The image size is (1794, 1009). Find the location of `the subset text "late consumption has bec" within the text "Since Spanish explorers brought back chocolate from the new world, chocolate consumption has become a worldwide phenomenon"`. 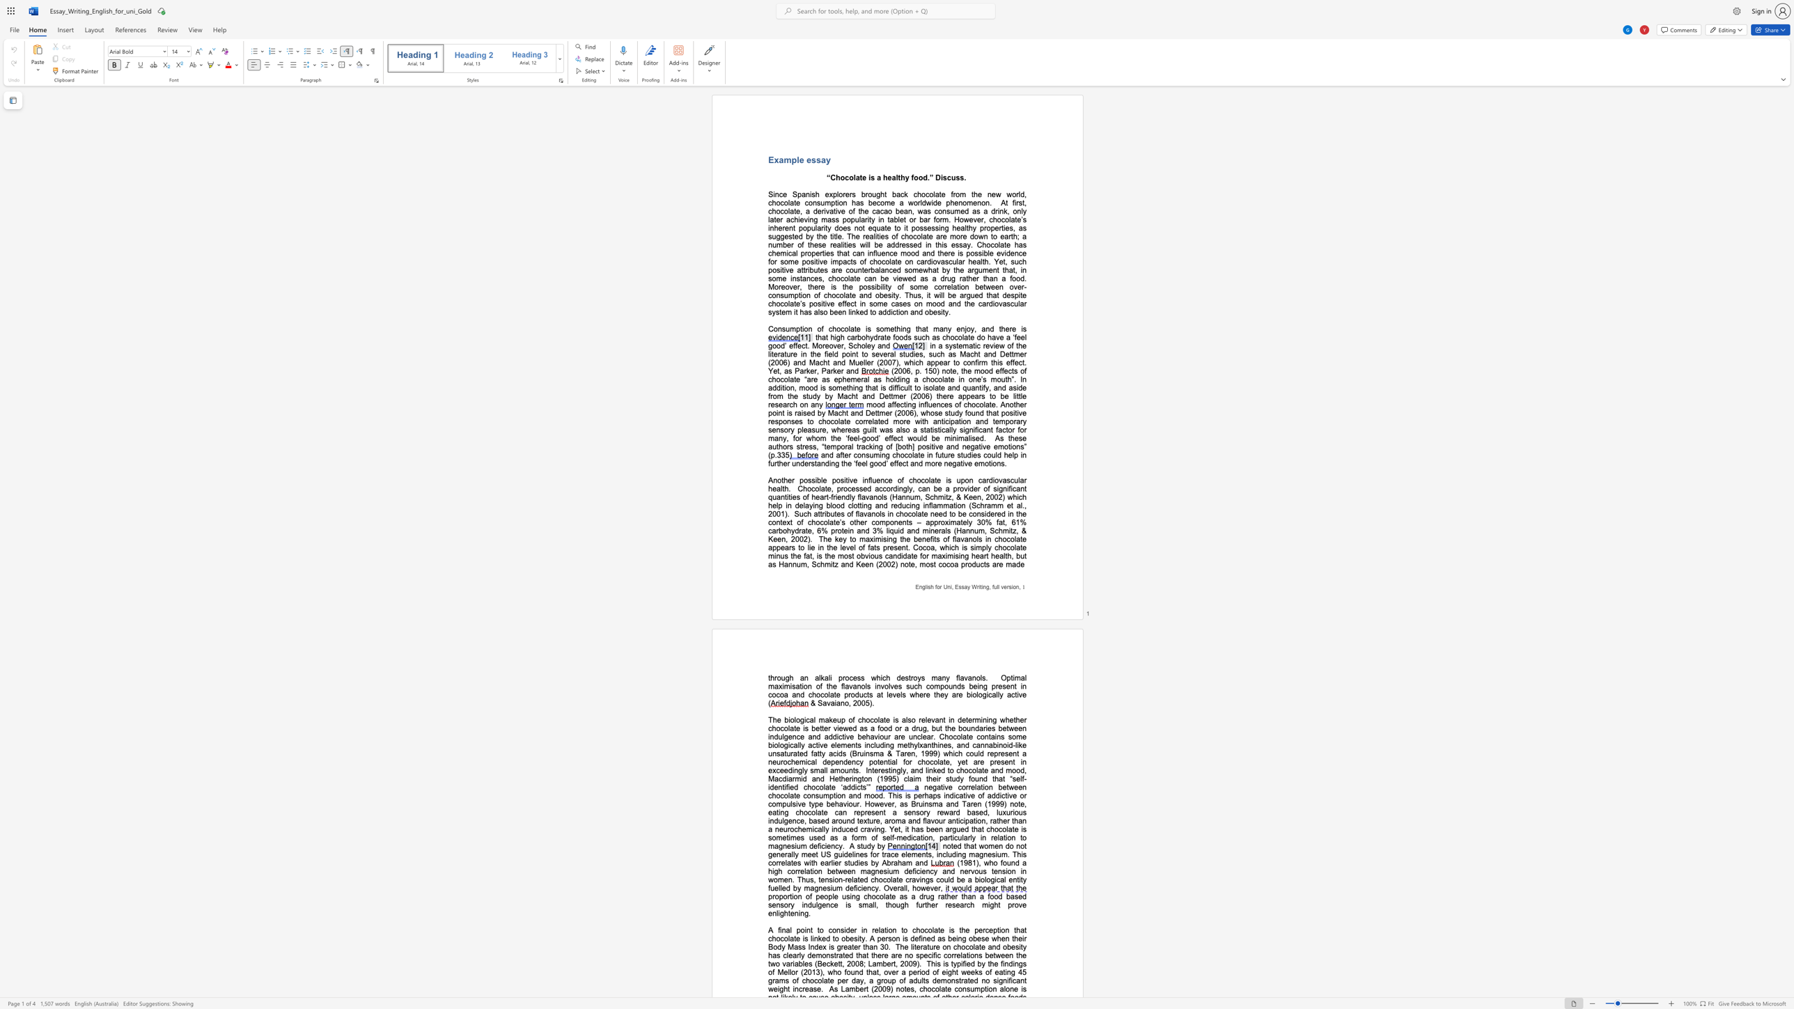

the subset text "late consumption has bec" within the text "Since Spanish explorers brought back chocolate from the new world, chocolate consumption has become a worldwide phenomenon" is located at coordinates (787, 202).